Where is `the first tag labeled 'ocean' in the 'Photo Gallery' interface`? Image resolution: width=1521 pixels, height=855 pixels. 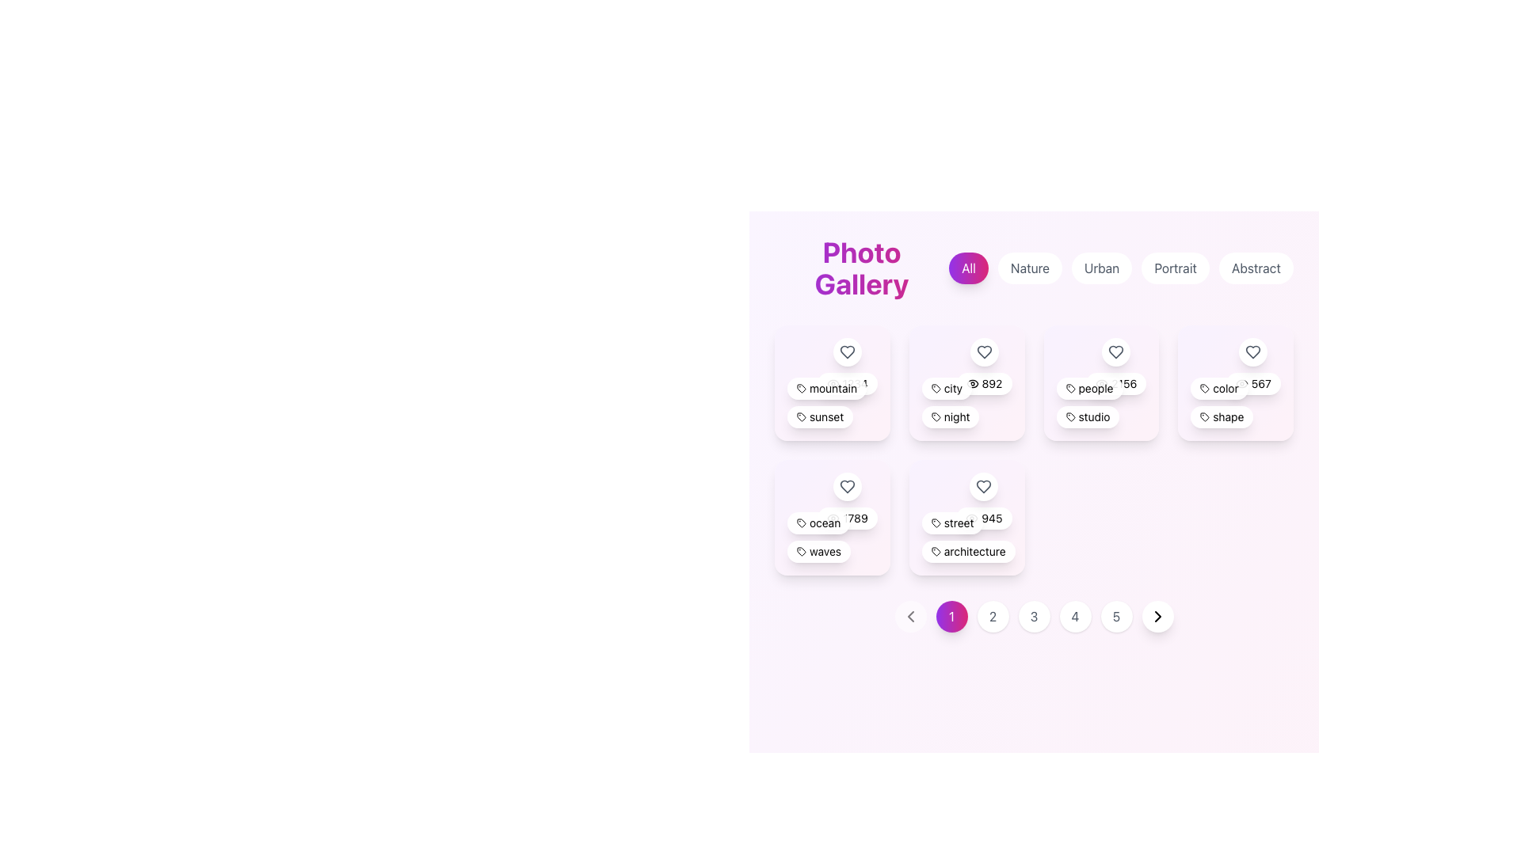
the first tag labeled 'ocean' in the 'Photo Gallery' interface is located at coordinates (818, 522).